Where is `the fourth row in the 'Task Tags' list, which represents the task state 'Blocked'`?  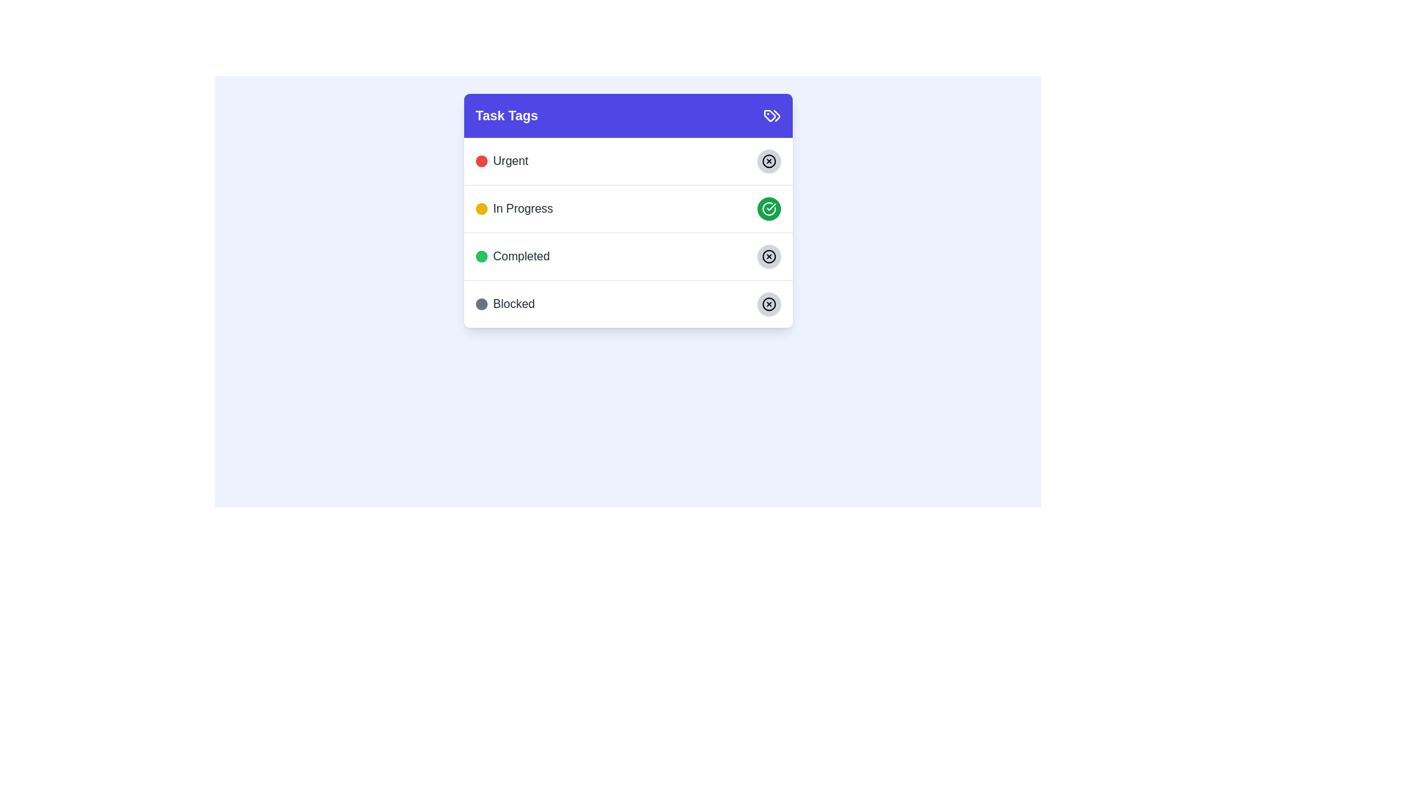 the fourth row in the 'Task Tags' list, which represents the task state 'Blocked' is located at coordinates (628, 303).